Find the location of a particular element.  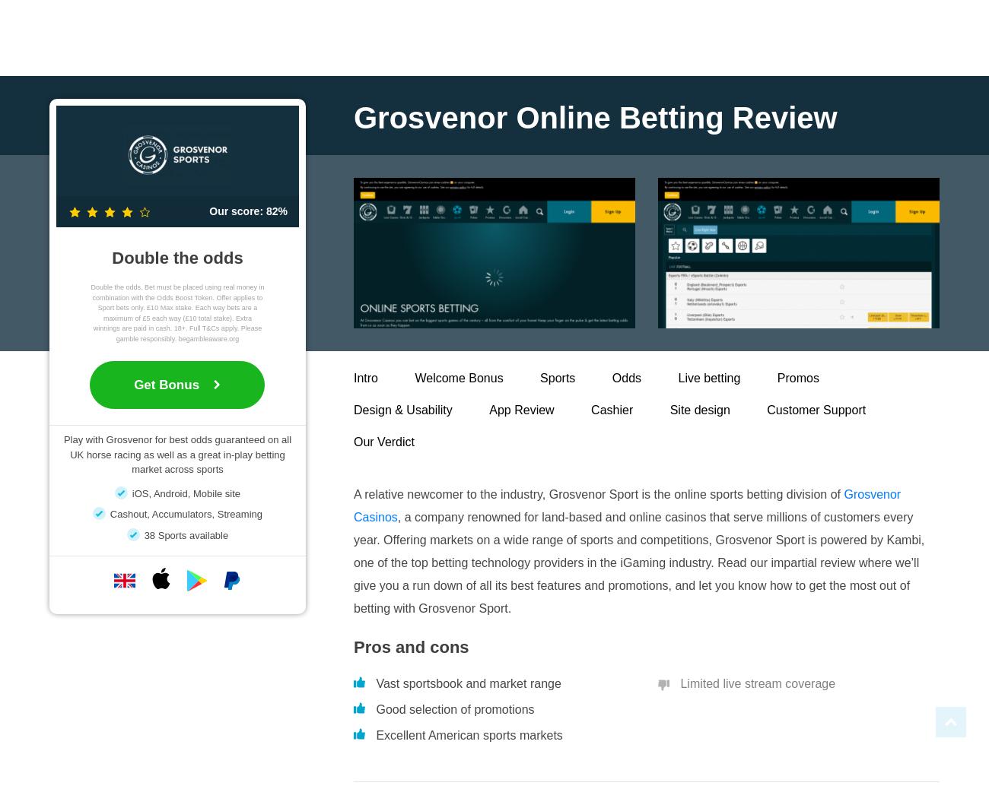

'82%' is located at coordinates (275, 211).